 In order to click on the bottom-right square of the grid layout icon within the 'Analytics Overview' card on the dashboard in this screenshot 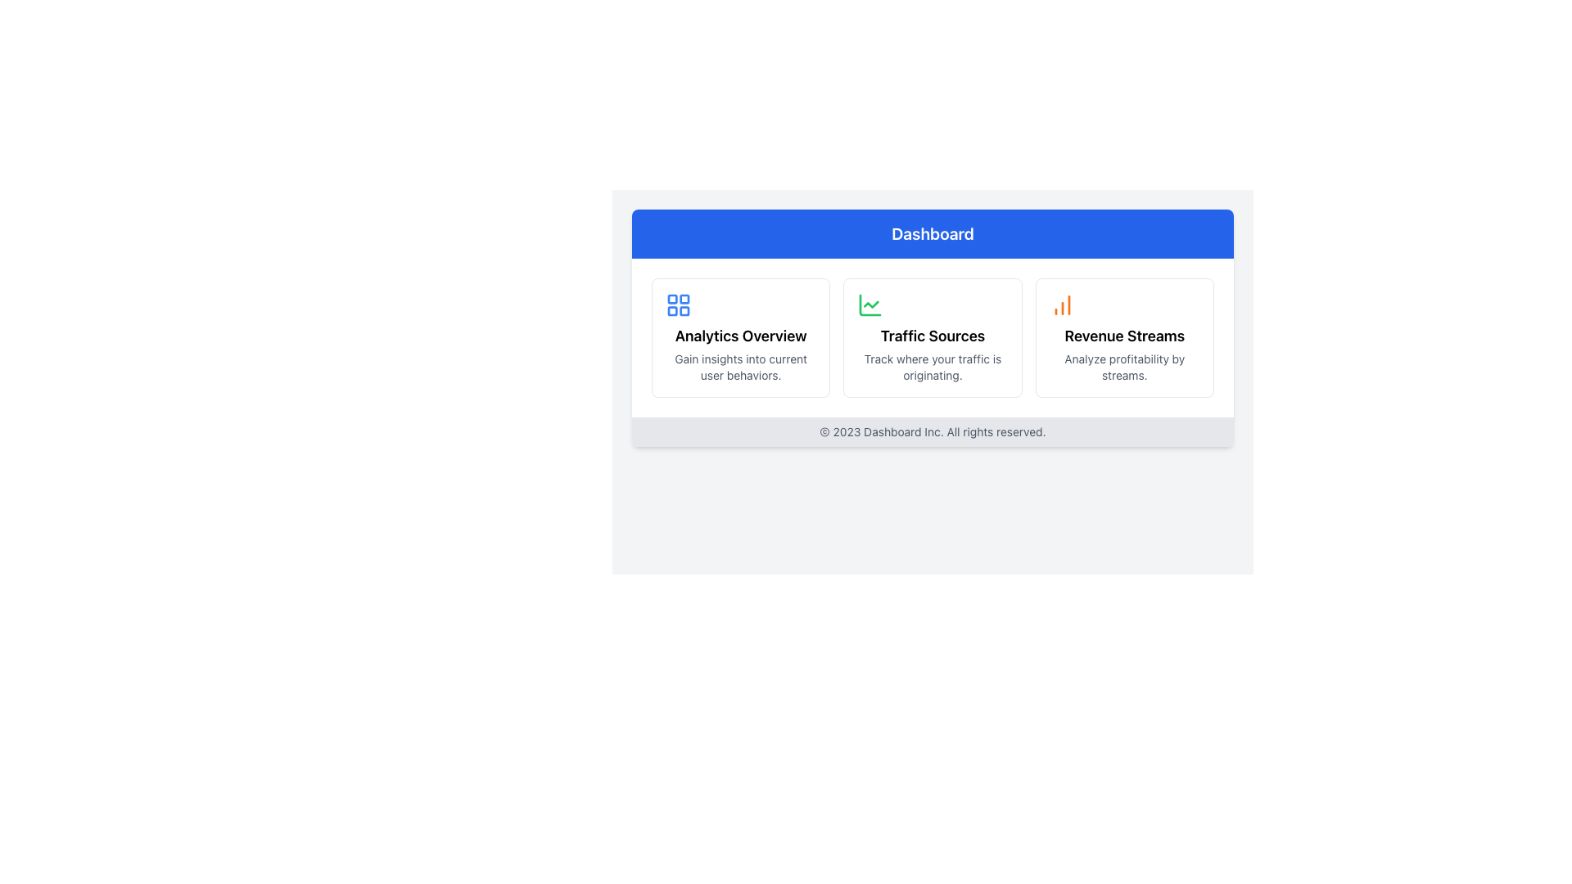, I will do `click(684, 311)`.